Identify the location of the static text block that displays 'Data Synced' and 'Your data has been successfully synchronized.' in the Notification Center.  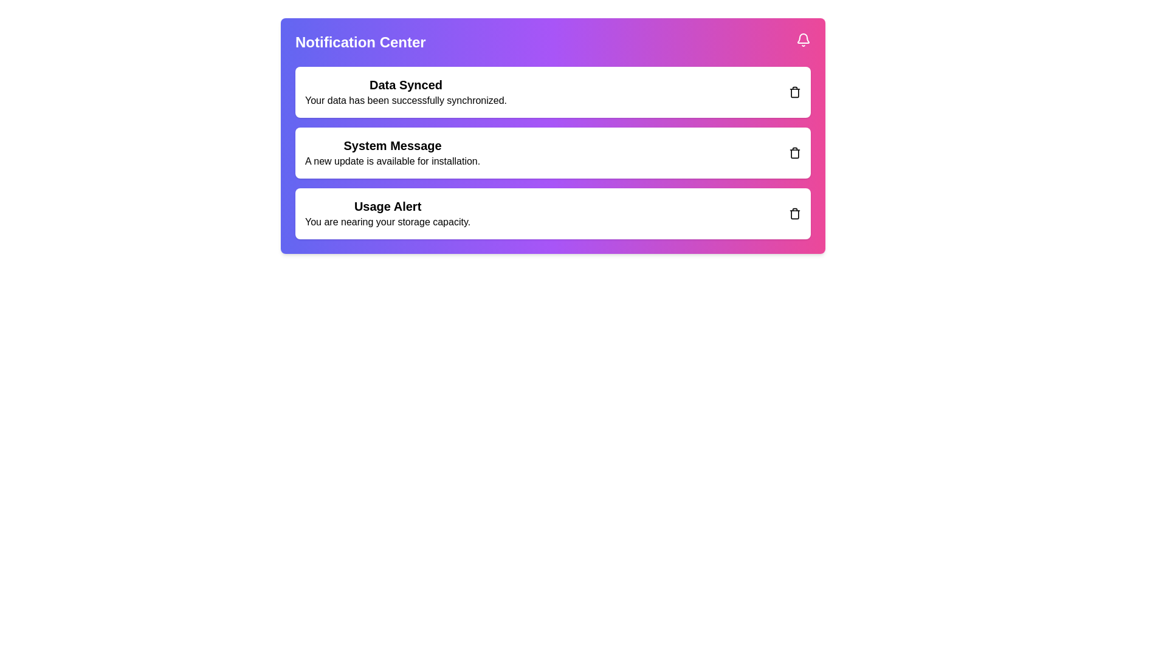
(405, 91).